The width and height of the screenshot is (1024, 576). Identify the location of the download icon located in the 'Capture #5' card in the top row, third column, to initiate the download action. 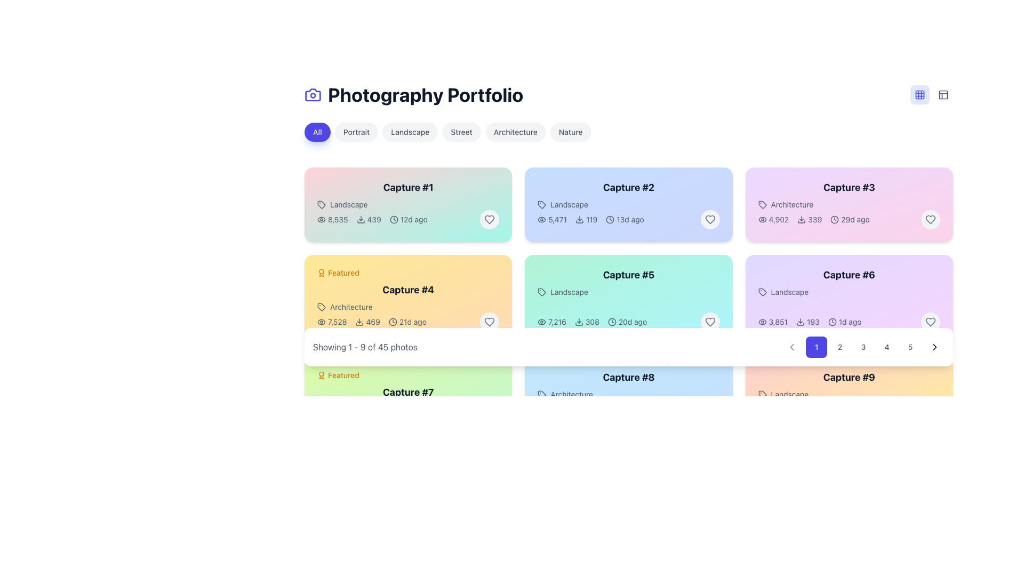
(578, 322).